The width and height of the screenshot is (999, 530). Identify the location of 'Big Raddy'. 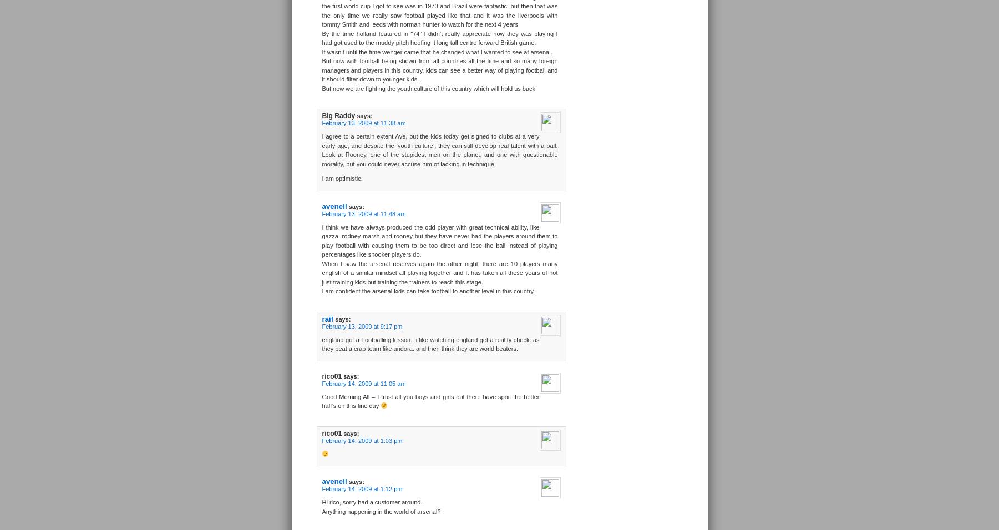
(337, 115).